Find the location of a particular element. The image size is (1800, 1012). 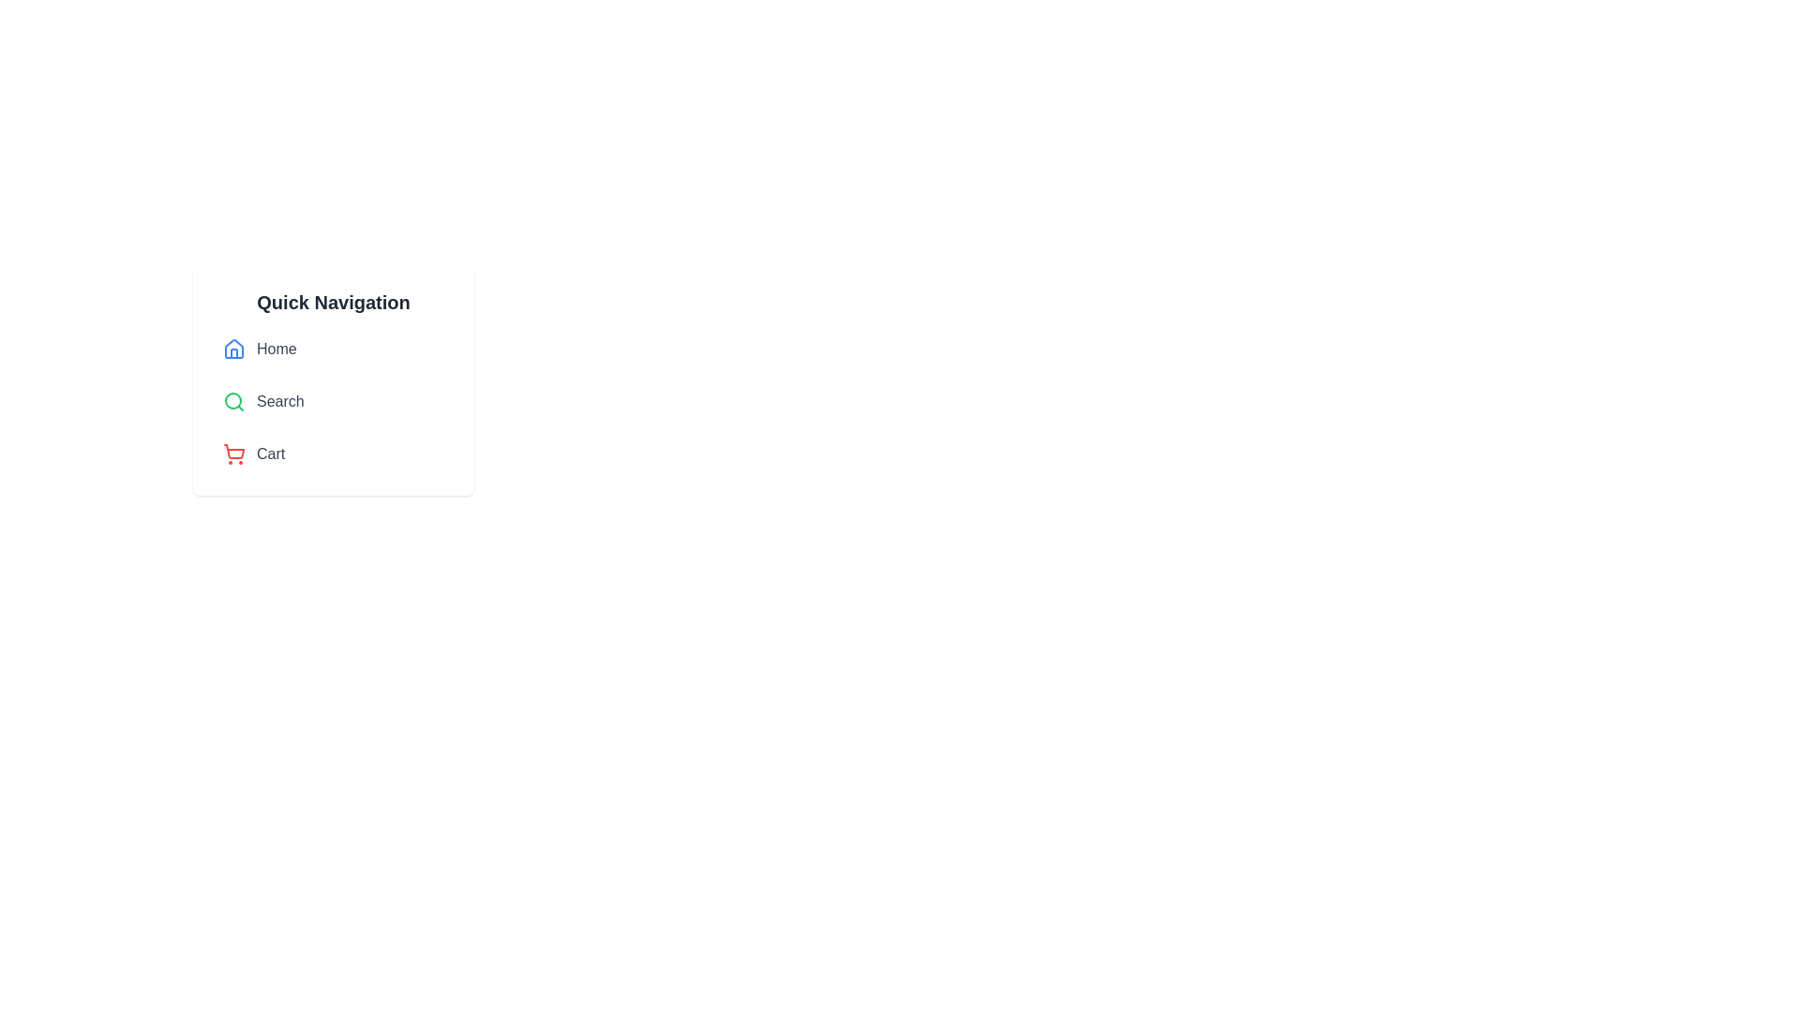

the inner circular portion of the green magnifying glass icon, which is located below the 'Home' icon and above the 'Cart' icon in the 'Quick Navigation' list is located at coordinates (232, 400).